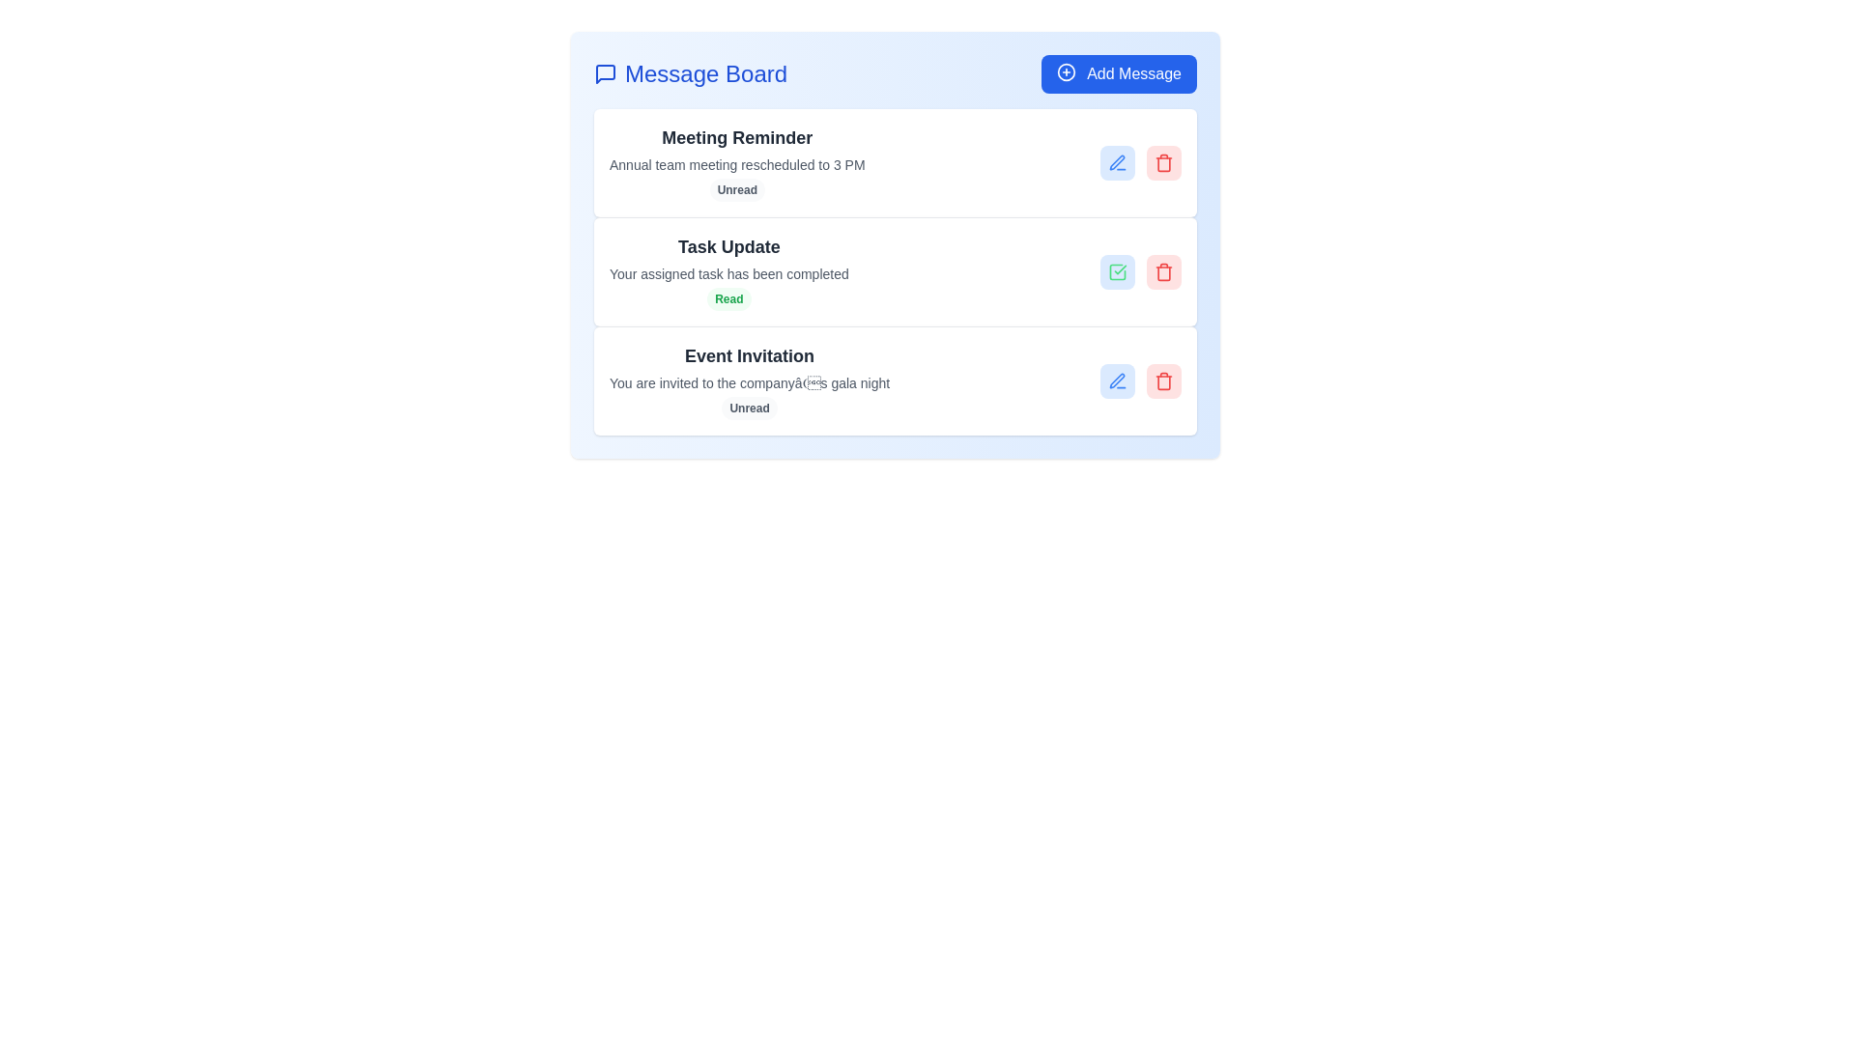 The image size is (1855, 1043). Describe the element at coordinates (1117, 162) in the screenshot. I see `the edit icon located on the far right of the first item in the vertical list, next to the 'Meeting Reminder' title to initiate edit mode` at that location.